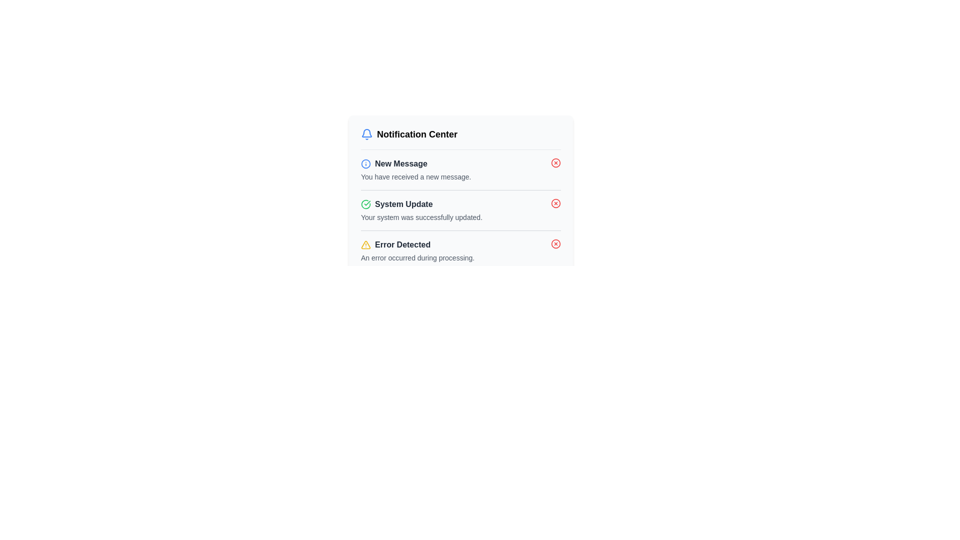 Image resolution: width=960 pixels, height=540 pixels. What do you see at coordinates (416, 176) in the screenshot?
I see `the text label displaying 'You have received a new message.' located below the 'New Message' title in the notification section` at bounding box center [416, 176].